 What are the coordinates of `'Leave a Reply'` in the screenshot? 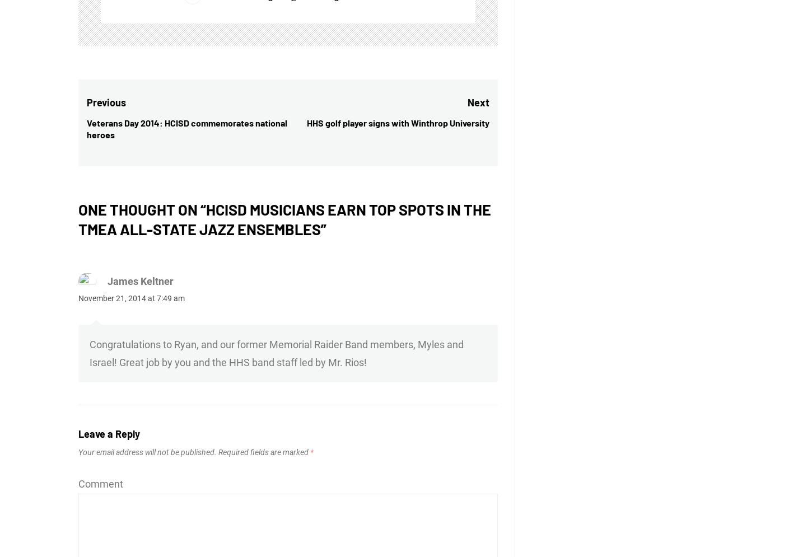 It's located at (109, 434).